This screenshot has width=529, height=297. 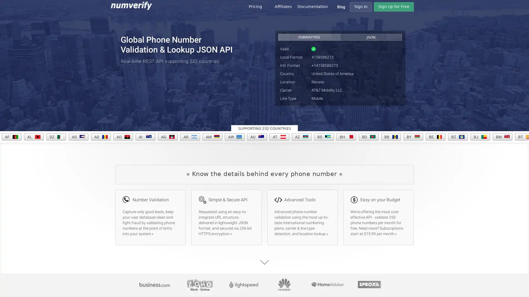 What do you see at coordinates (309, 37) in the screenshot?
I see `FORMATTED` at bounding box center [309, 37].